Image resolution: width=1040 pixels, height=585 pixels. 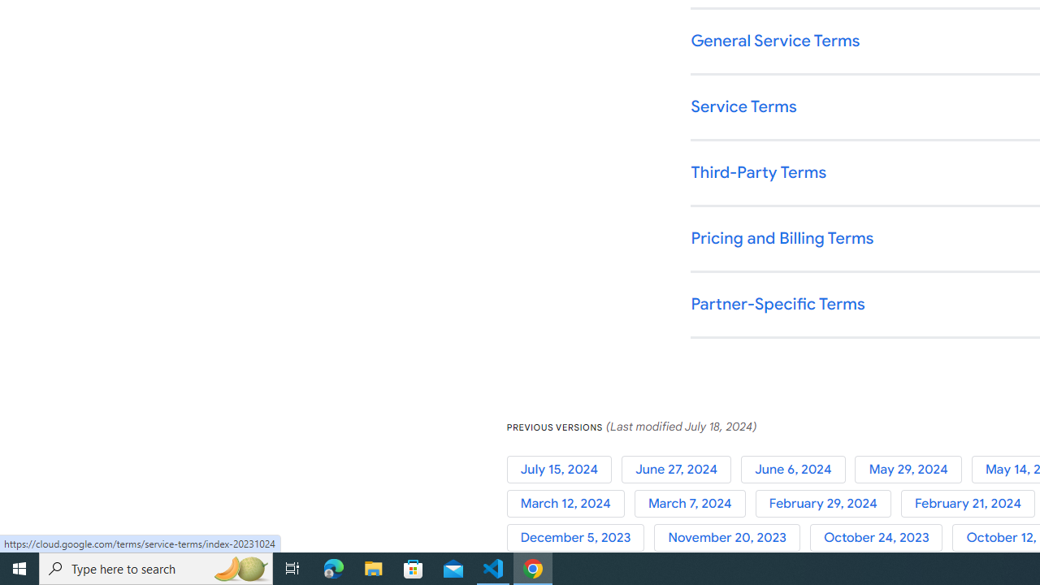 I want to click on 'June 6, 2024', so click(x=798, y=469).